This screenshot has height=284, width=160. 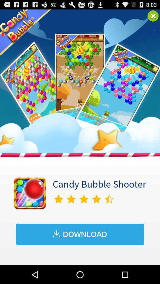 What do you see at coordinates (153, 17) in the screenshot?
I see `the close icon` at bounding box center [153, 17].